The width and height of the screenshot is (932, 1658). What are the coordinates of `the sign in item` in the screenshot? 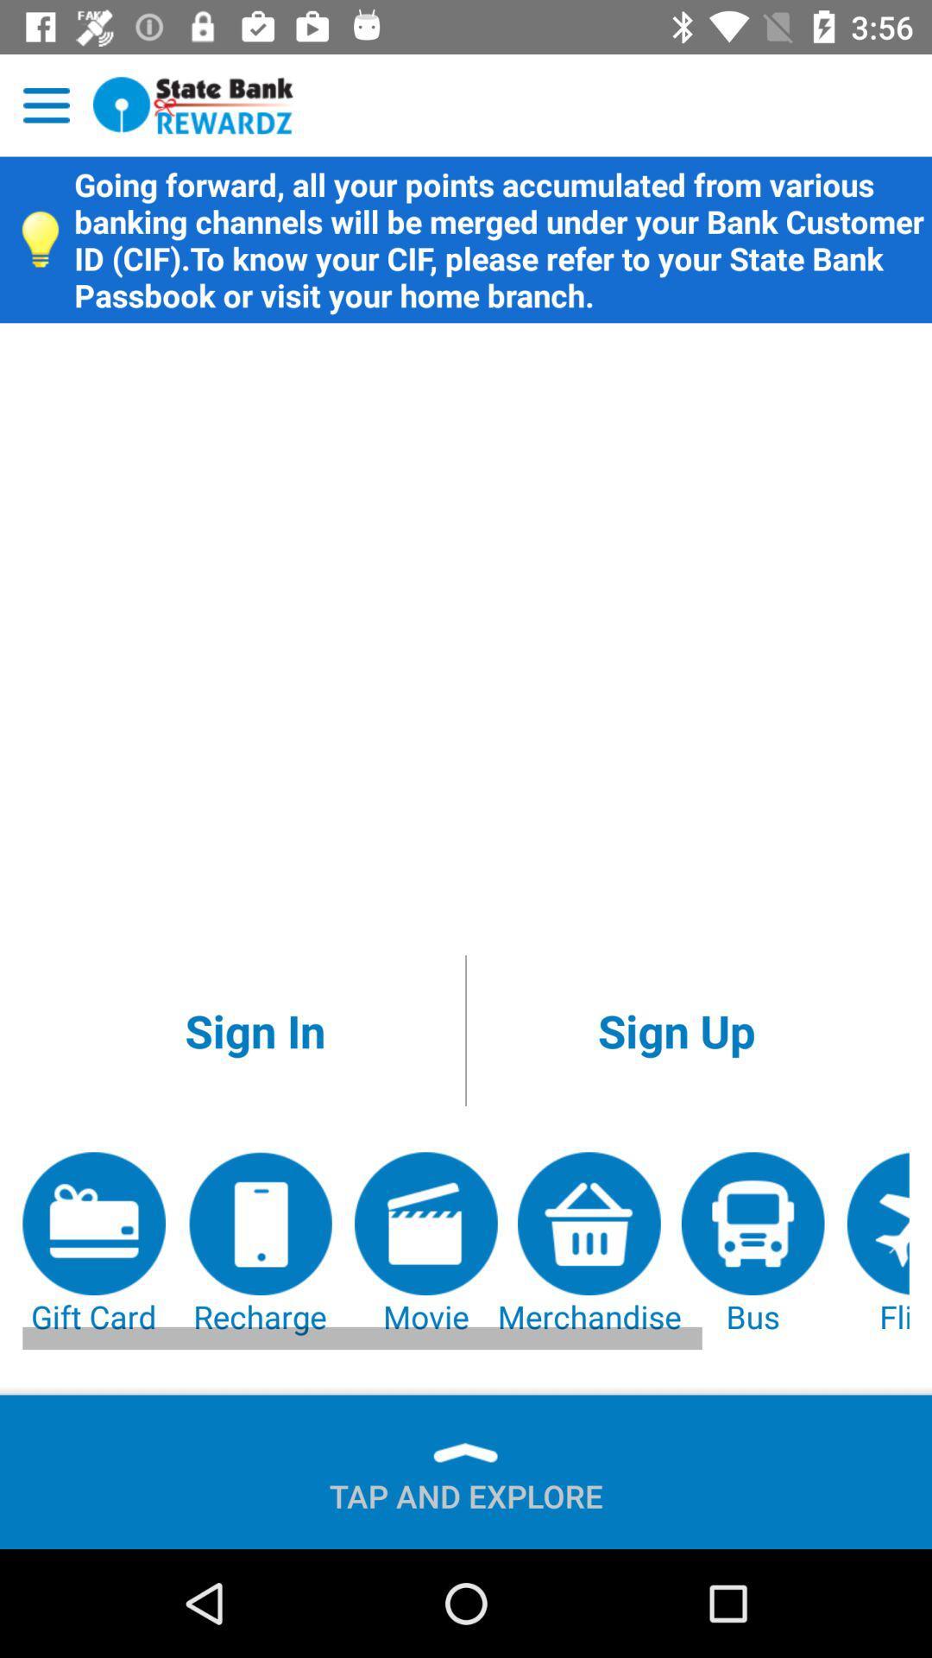 It's located at (255, 1030).